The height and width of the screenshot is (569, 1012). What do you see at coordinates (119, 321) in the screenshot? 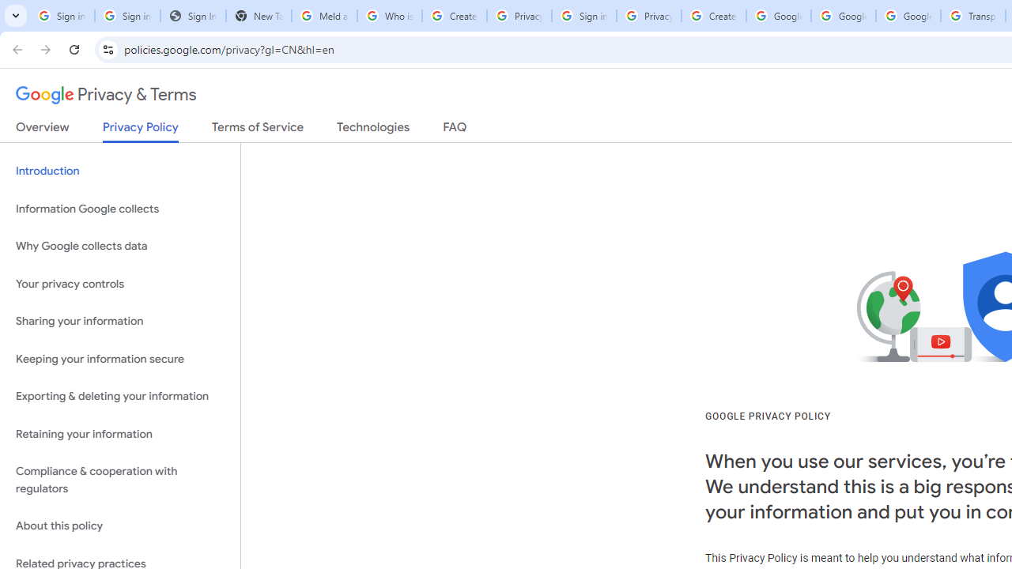
I see `'Sharing your information'` at bounding box center [119, 321].